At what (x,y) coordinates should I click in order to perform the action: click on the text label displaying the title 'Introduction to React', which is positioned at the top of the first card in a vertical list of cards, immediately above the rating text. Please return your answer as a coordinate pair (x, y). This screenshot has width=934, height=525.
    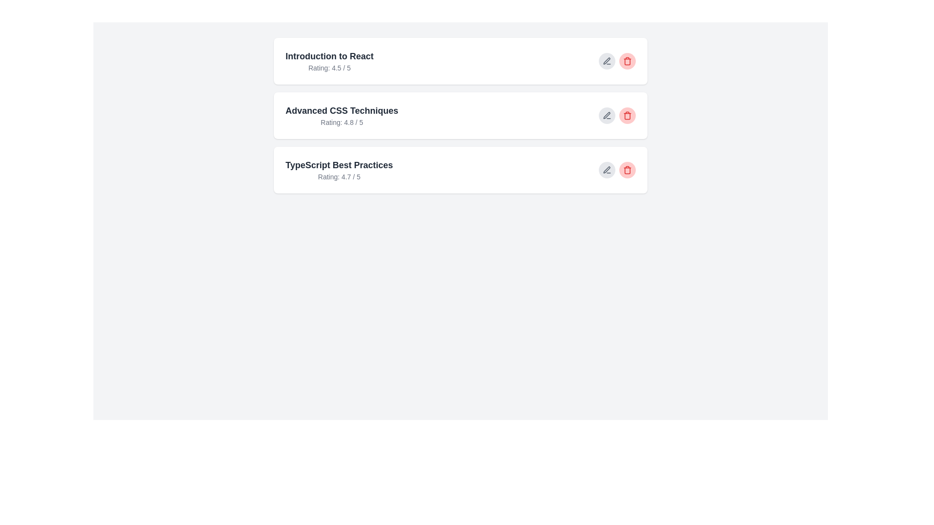
    Looking at the image, I should click on (329, 56).